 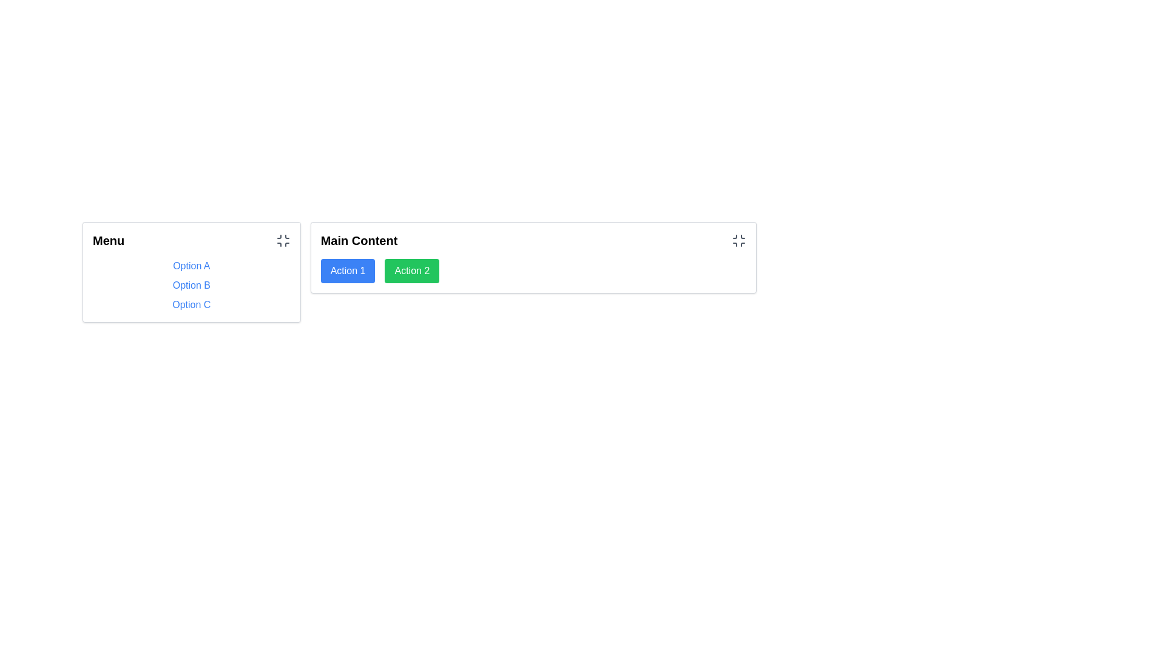 I want to click on the blue text link at the top of the 'Menu' list in the left panel, so click(x=191, y=266).